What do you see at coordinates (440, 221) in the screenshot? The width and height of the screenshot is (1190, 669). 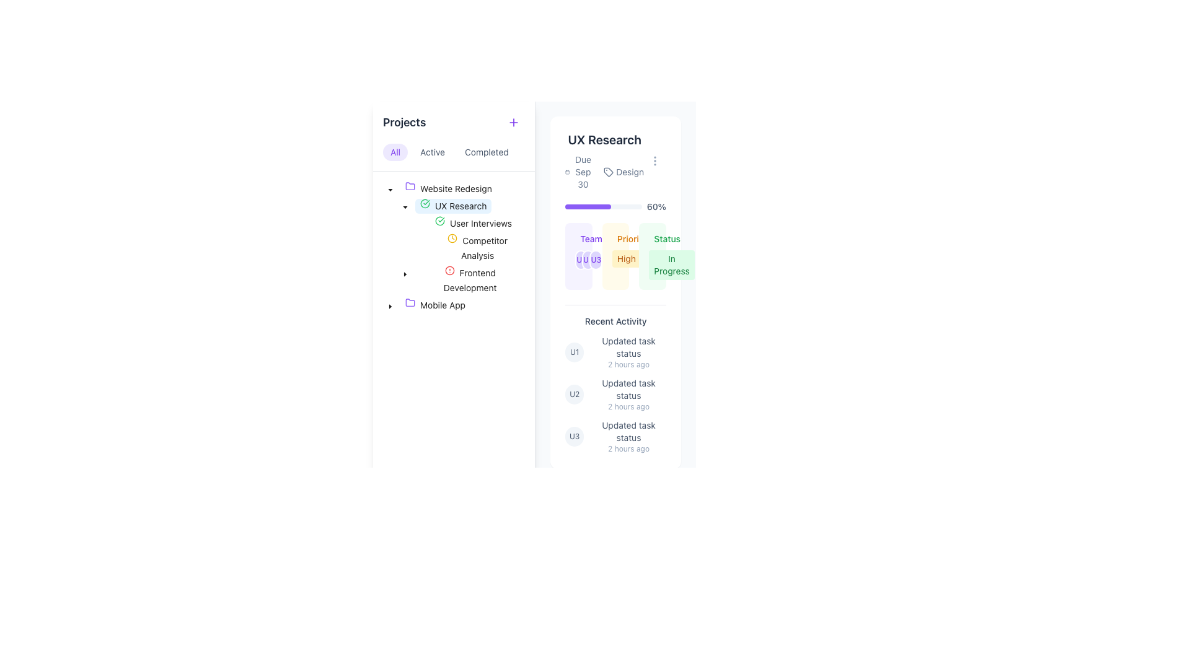 I see `the status indication of the green checkmark icon located in the 'UX Research' section, which serves as an indicator for 'User Interviews'` at bounding box center [440, 221].